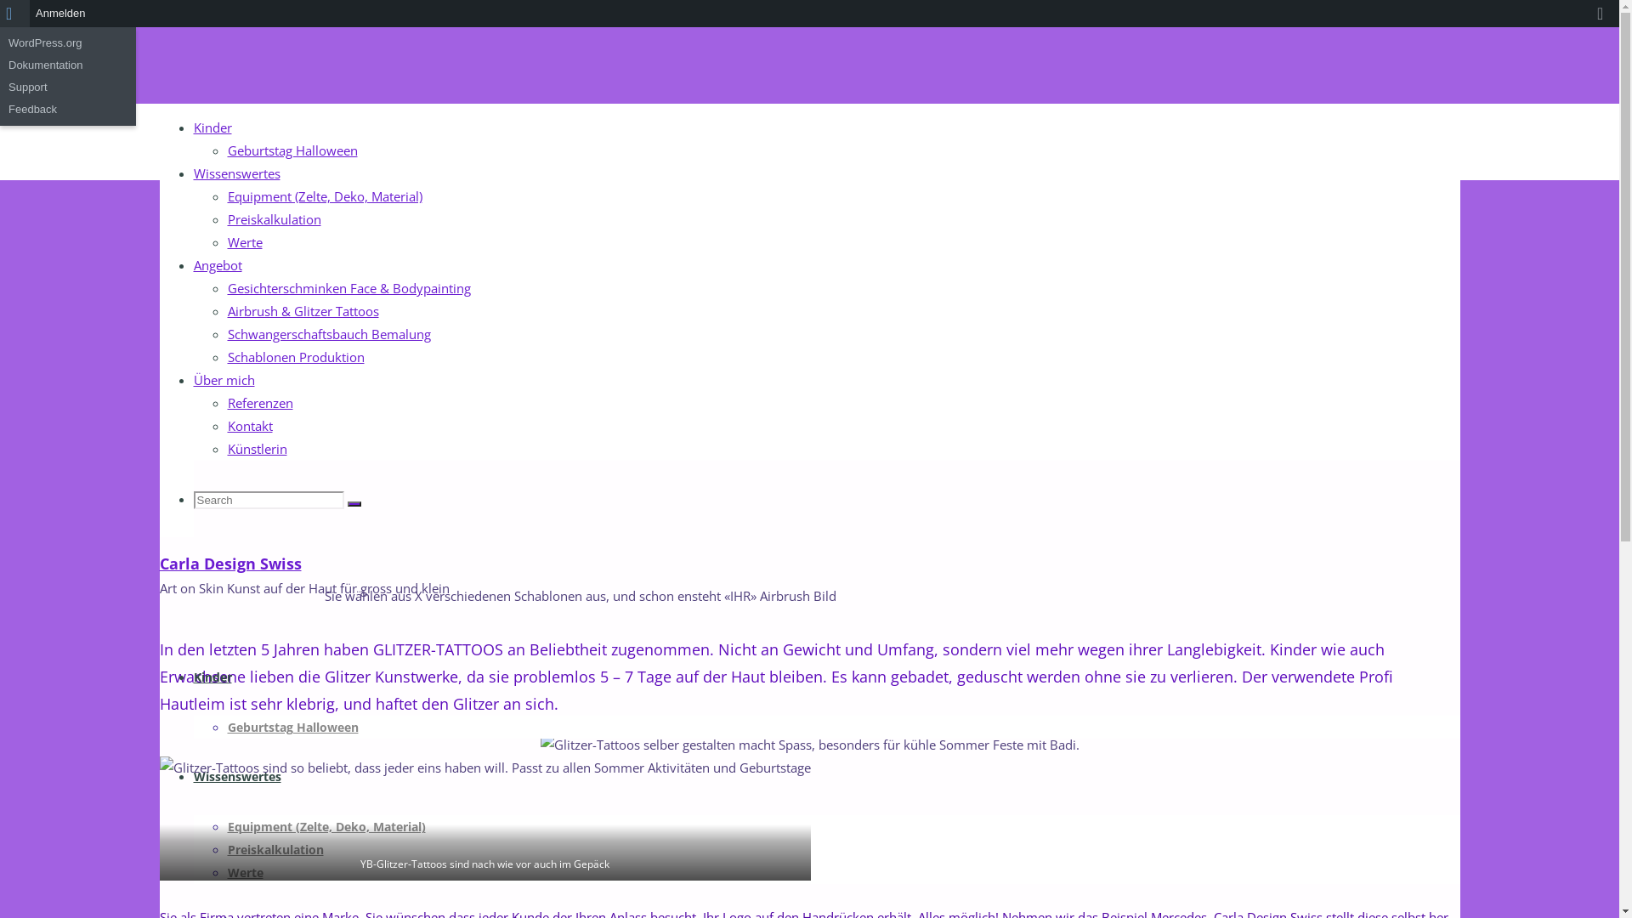 The width and height of the screenshot is (1632, 918). Describe the element at coordinates (227, 727) in the screenshot. I see `'Geburtstag Halloween'` at that location.